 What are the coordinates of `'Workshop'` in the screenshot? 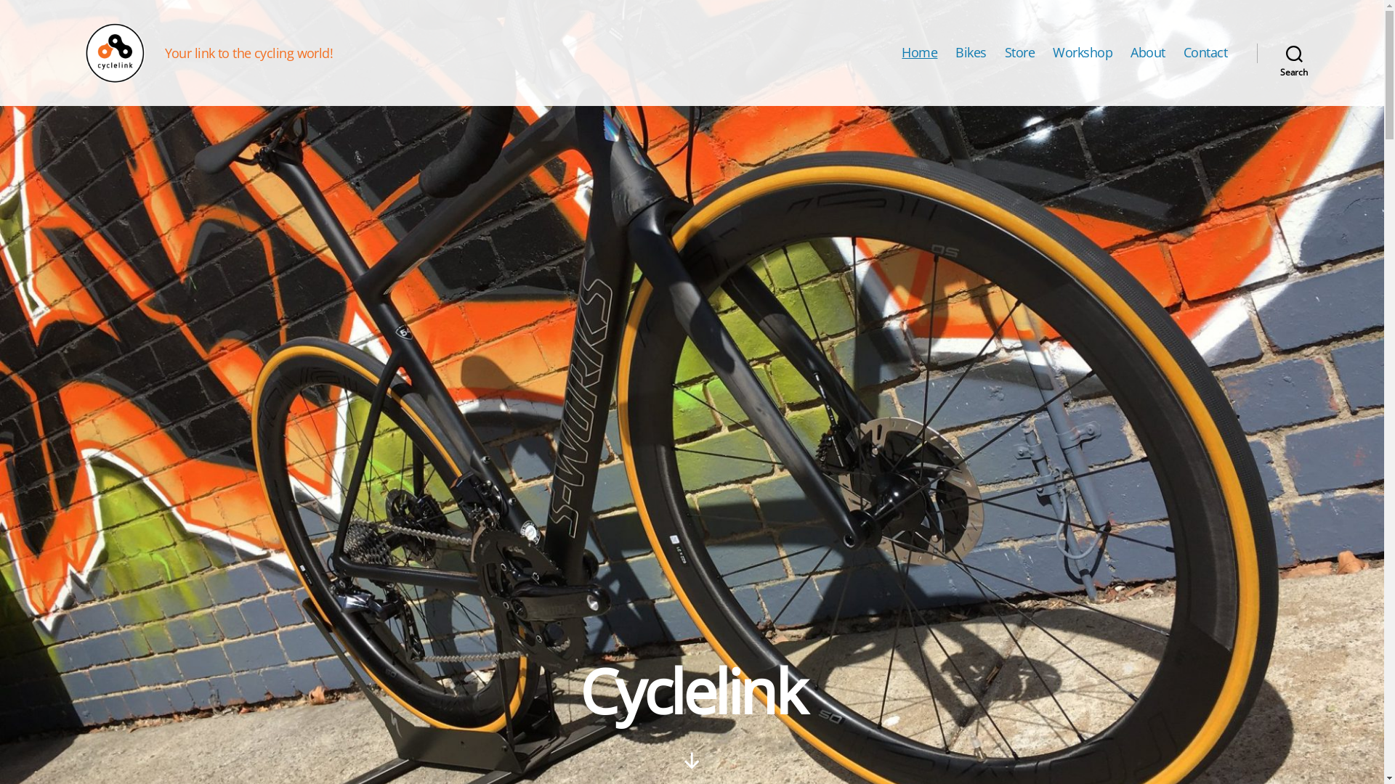 It's located at (1053, 52).